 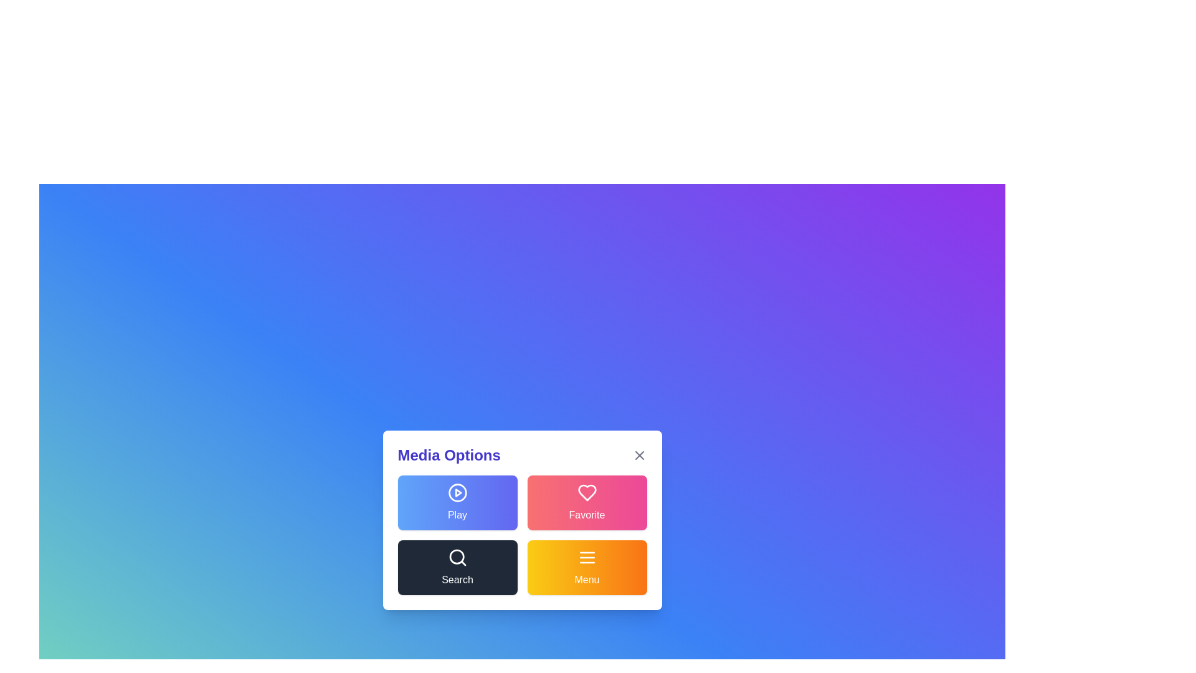 I want to click on the search button located in the bottom-left position of the 'Media Options' modal to observe style changes, so click(x=457, y=567).